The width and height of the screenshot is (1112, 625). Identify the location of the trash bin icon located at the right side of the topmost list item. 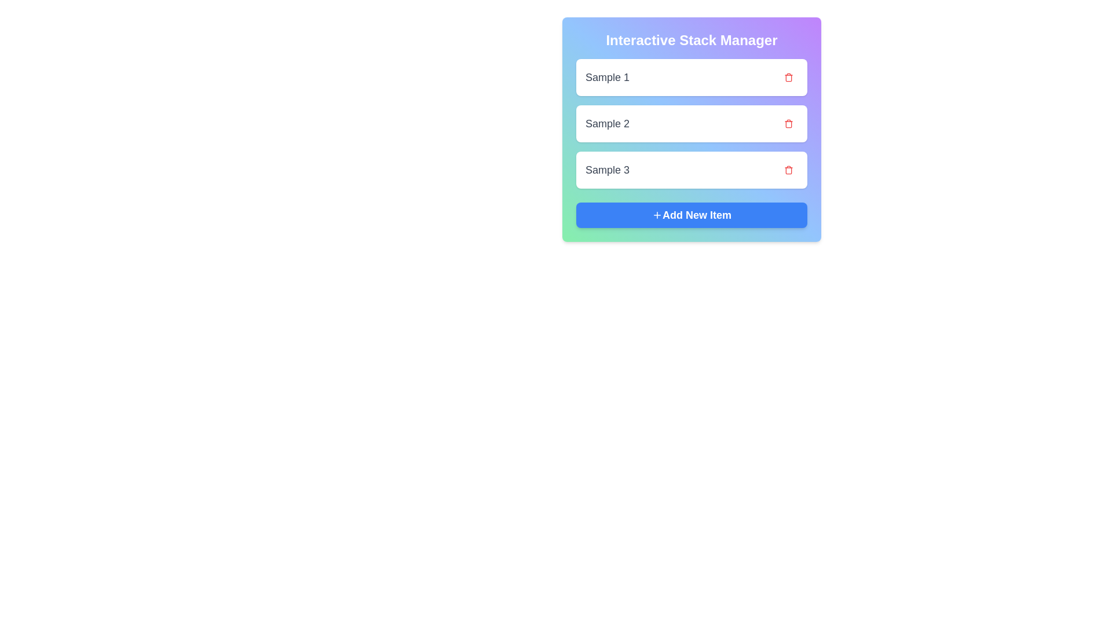
(788, 78).